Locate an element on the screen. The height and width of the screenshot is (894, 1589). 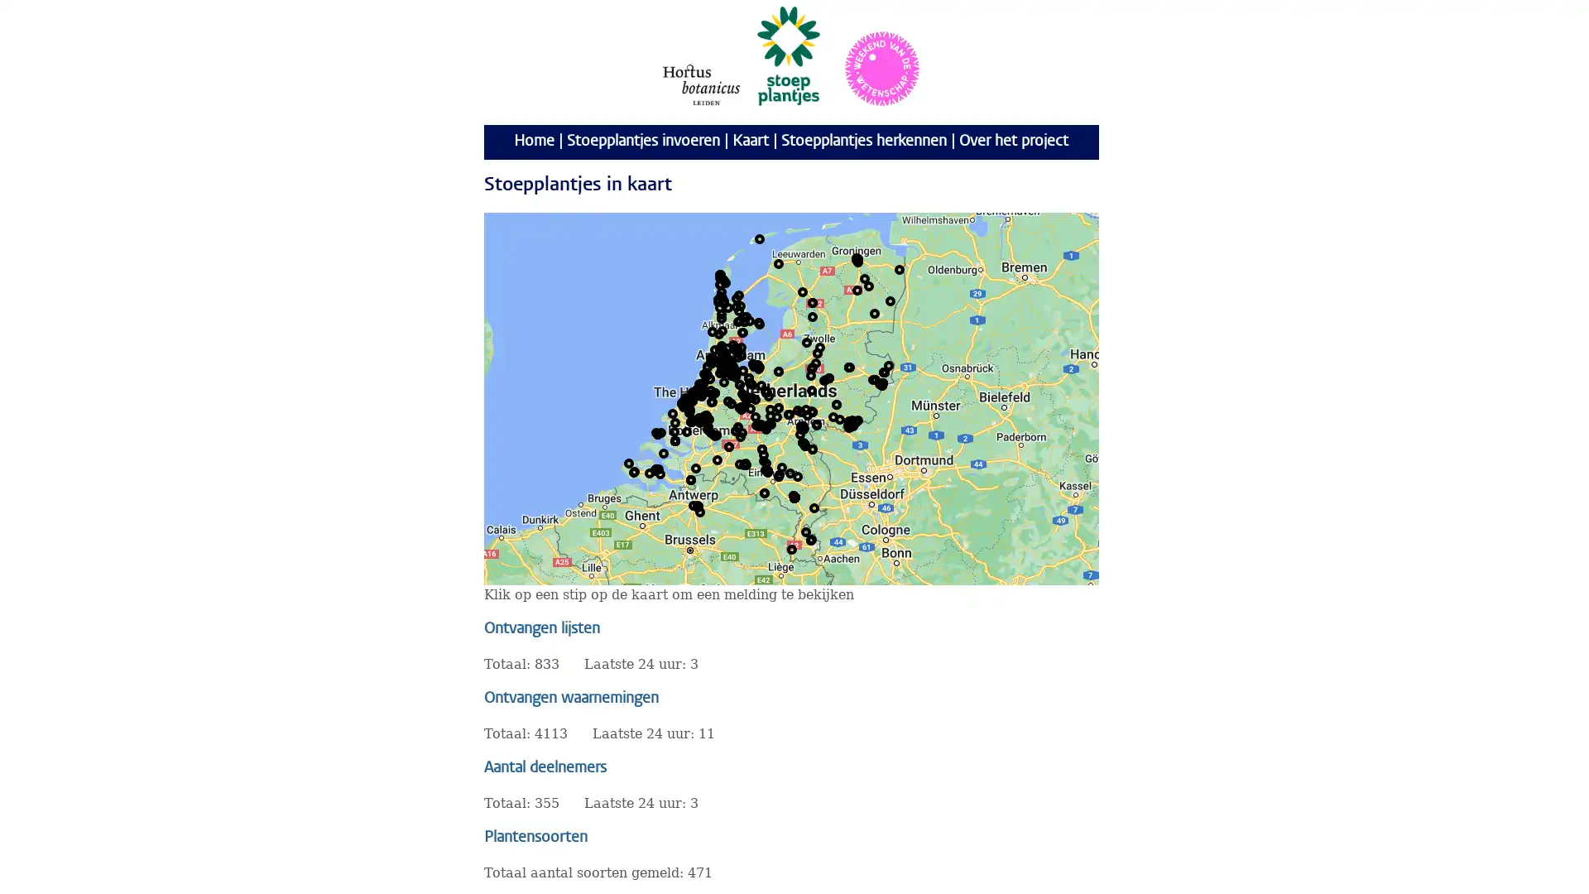
Telling van Hanneke Waller op 20 oktober 2021 is located at coordinates (749, 382).